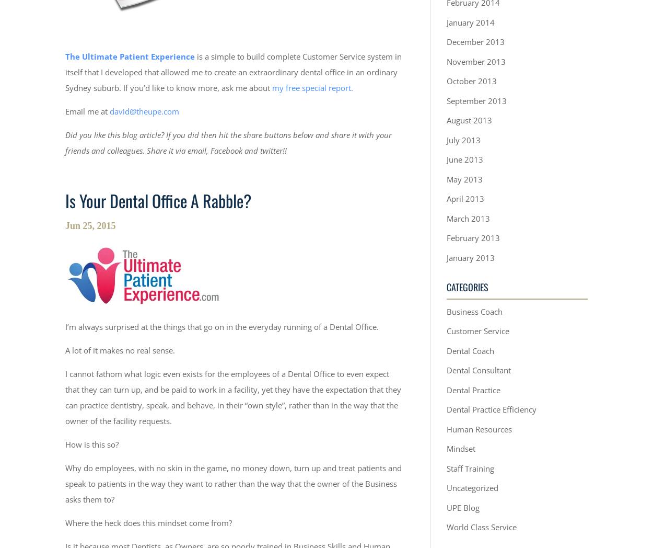 The image size is (653, 548). What do you see at coordinates (471, 21) in the screenshot?
I see `'January 2014'` at bounding box center [471, 21].